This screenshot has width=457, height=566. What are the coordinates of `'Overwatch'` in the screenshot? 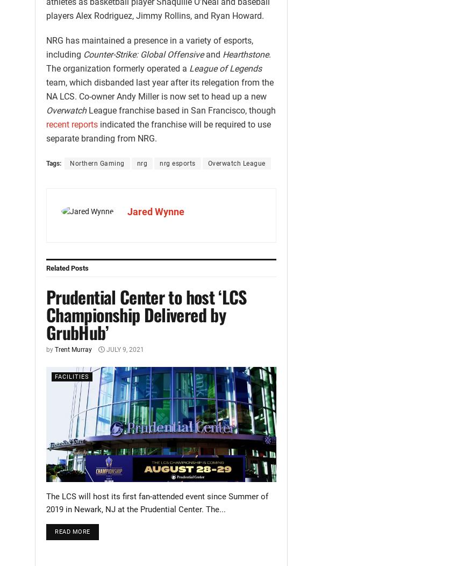 It's located at (66, 110).